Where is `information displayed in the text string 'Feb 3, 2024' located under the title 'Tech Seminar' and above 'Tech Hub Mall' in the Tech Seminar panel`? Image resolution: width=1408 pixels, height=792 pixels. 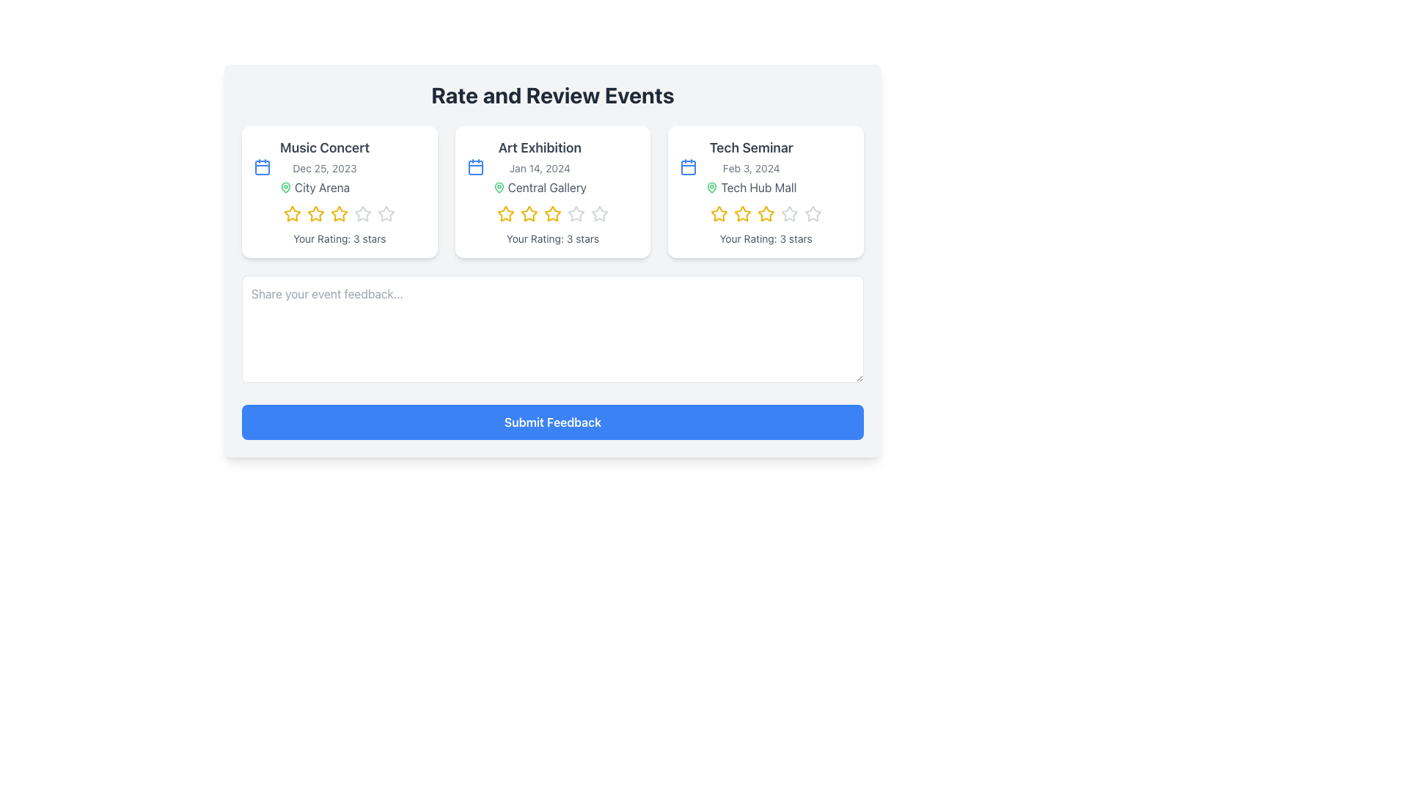
information displayed in the text string 'Feb 3, 2024' located under the title 'Tech Seminar' and above 'Tech Hub Mall' in the Tech Seminar panel is located at coordinates (751, 168).